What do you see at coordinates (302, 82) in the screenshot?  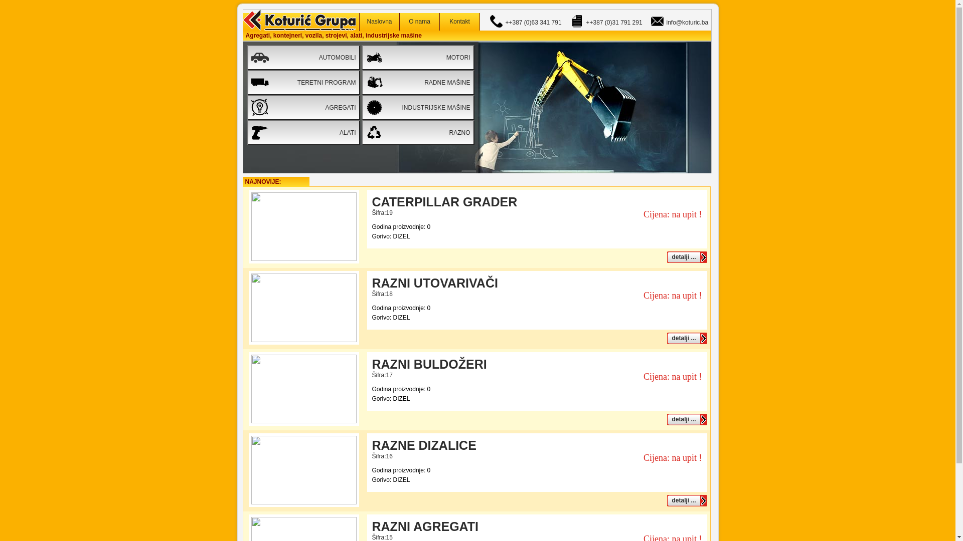 I see `'TERETNI PROGRAM'` at bounding box center [302, 82].